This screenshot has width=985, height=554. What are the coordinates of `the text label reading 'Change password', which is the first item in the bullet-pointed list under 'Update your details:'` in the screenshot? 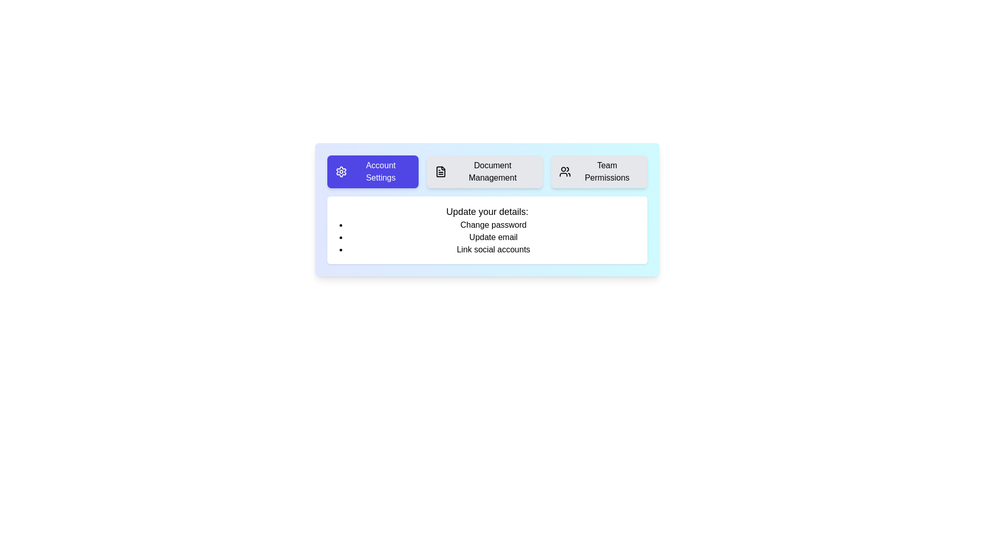 It's located at (493, 225).